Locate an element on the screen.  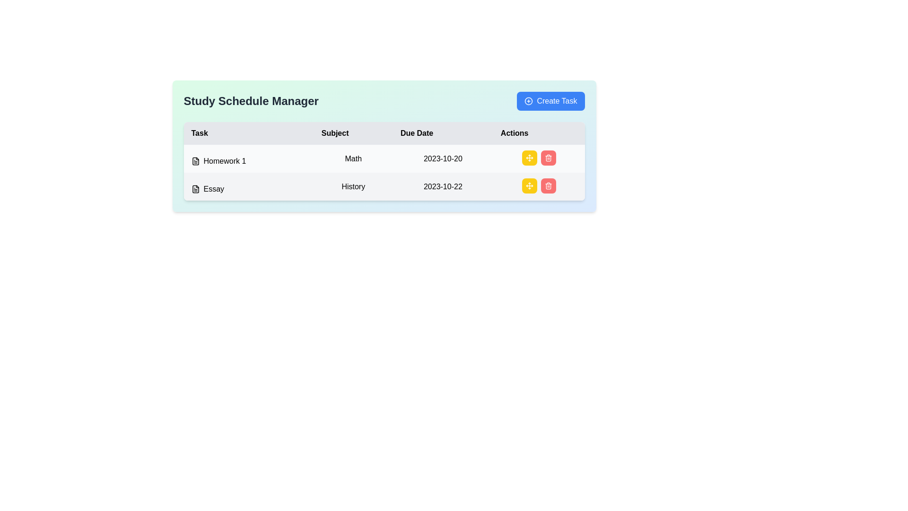
the move button located in the 'Actions' column of the first row, associated with the task labeled 'Homework 1' is located at coordinates (539, 158).